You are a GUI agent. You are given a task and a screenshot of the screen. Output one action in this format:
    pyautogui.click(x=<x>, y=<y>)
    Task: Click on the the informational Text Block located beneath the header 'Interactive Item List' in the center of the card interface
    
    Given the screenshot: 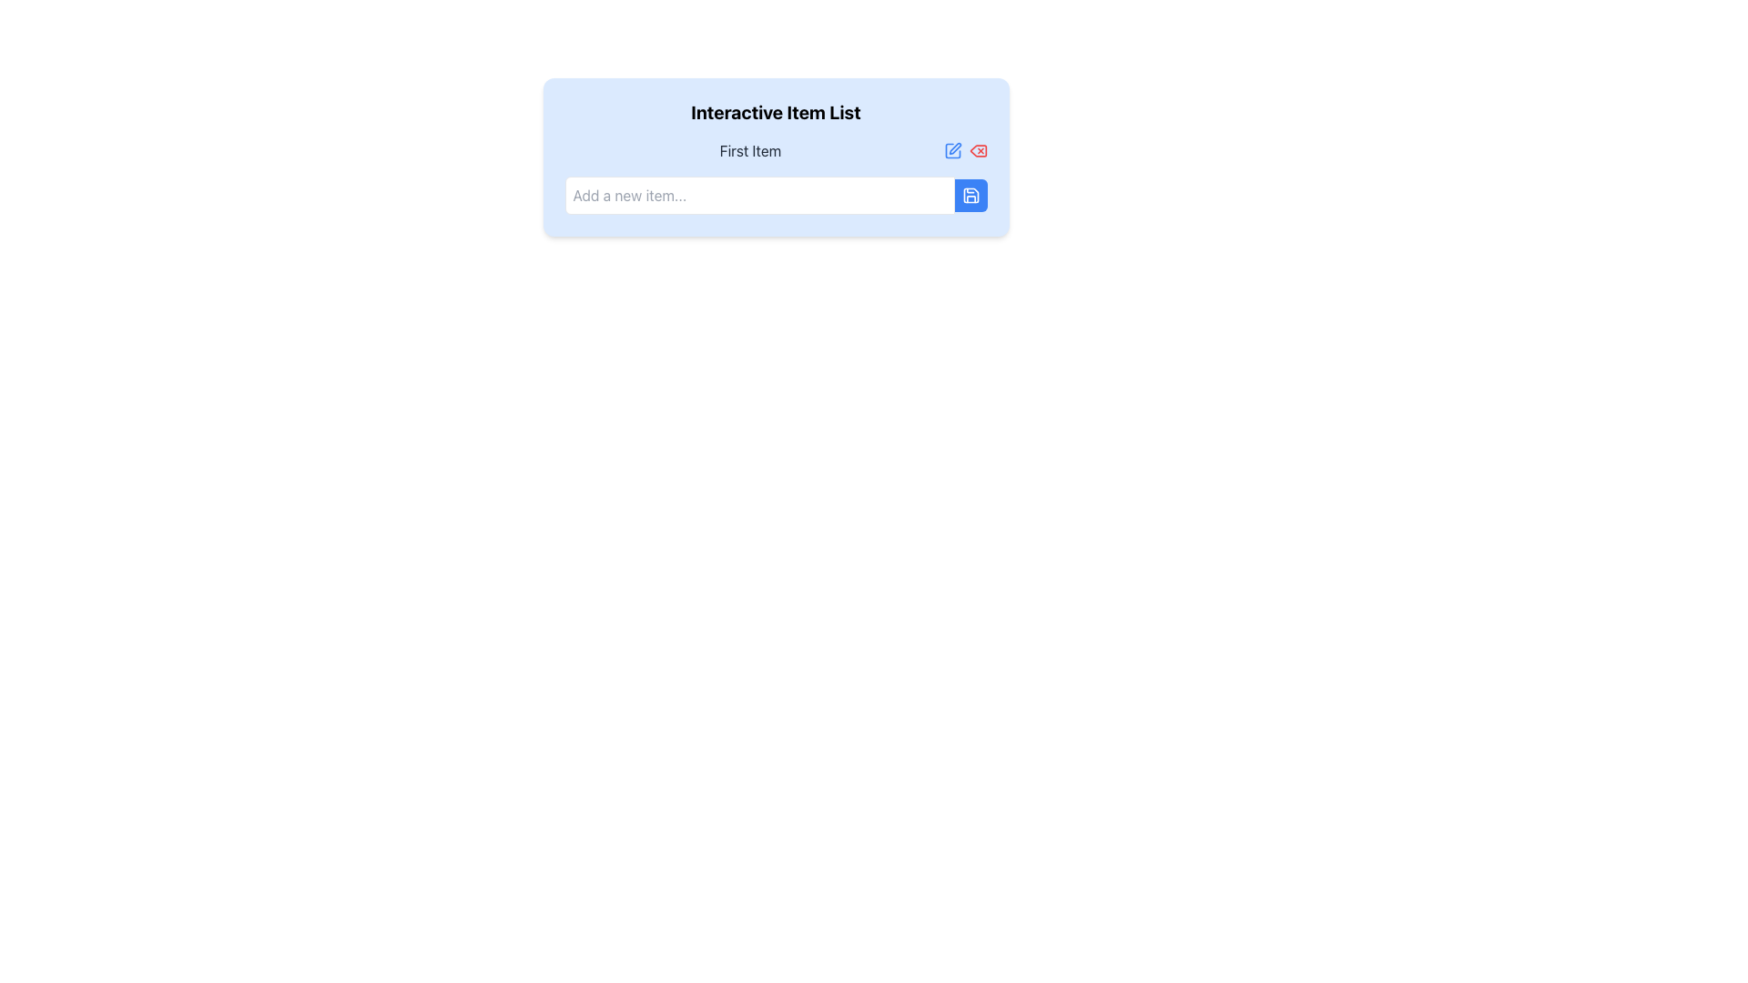 What is the action you would take?
    pyautogui.click(x=776, y=157)
    